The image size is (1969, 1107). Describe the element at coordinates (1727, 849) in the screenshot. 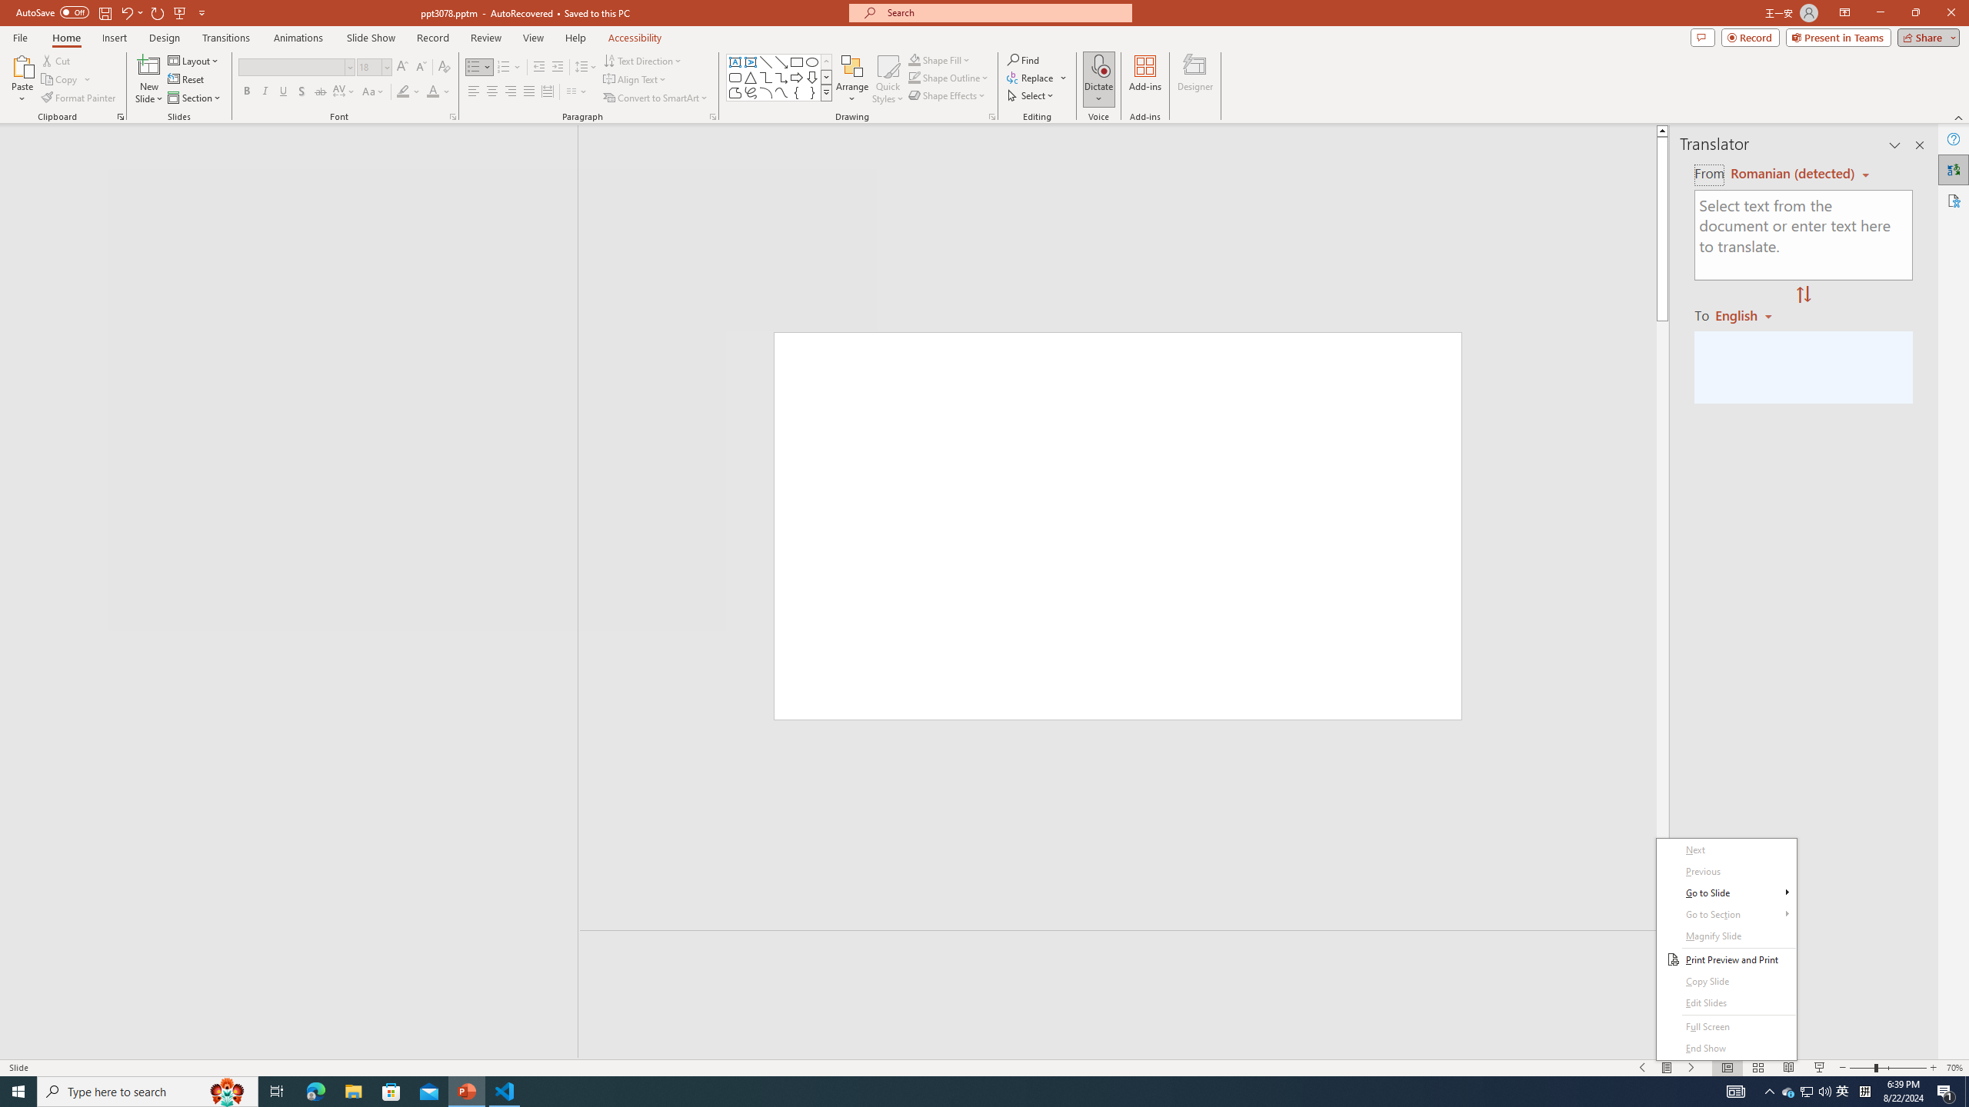

I see `'Next'` at that location.